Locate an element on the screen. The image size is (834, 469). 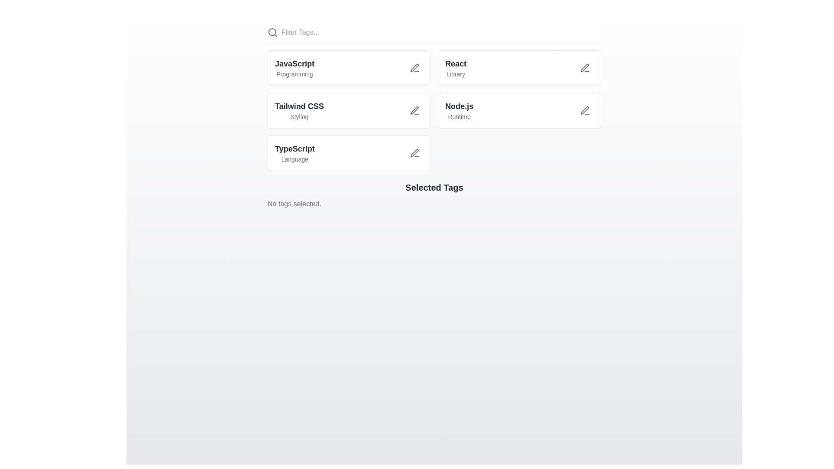
the button located at the top-right corner of the 'TypeScript Language' card for accessibility actions is located at coordinates (414, 153).